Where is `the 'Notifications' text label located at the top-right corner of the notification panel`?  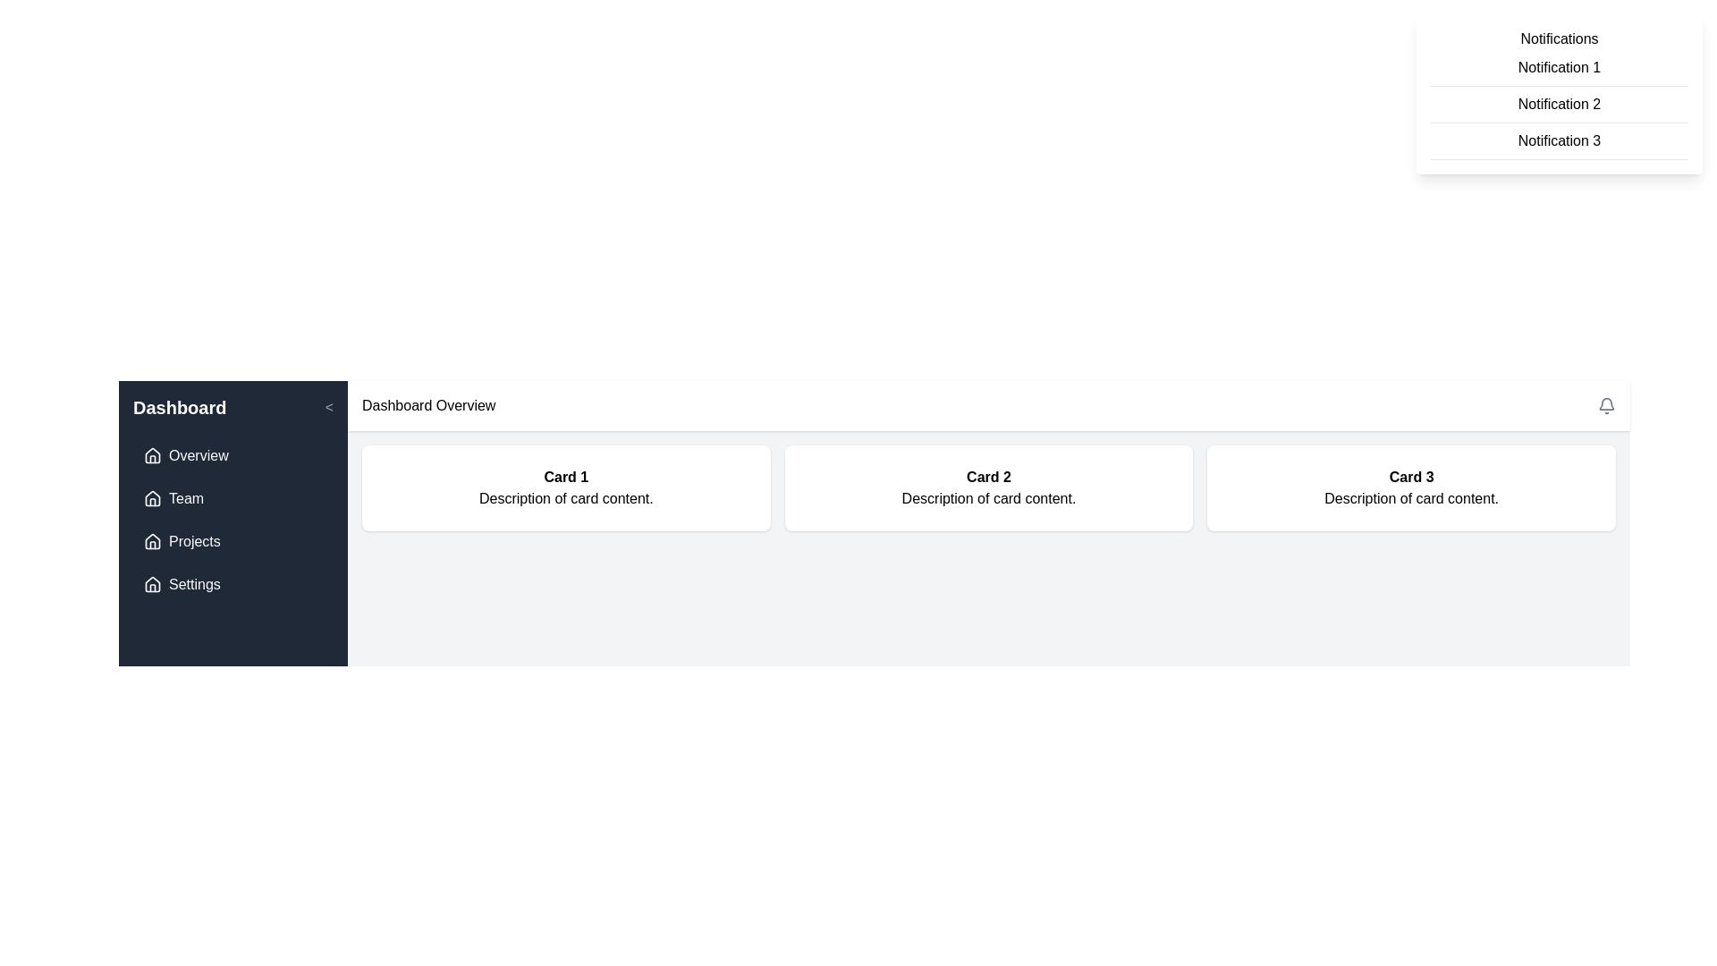
the 'Notifications' text label located at the top-right corner of the notification panel is located at coordinates (1558, 38).